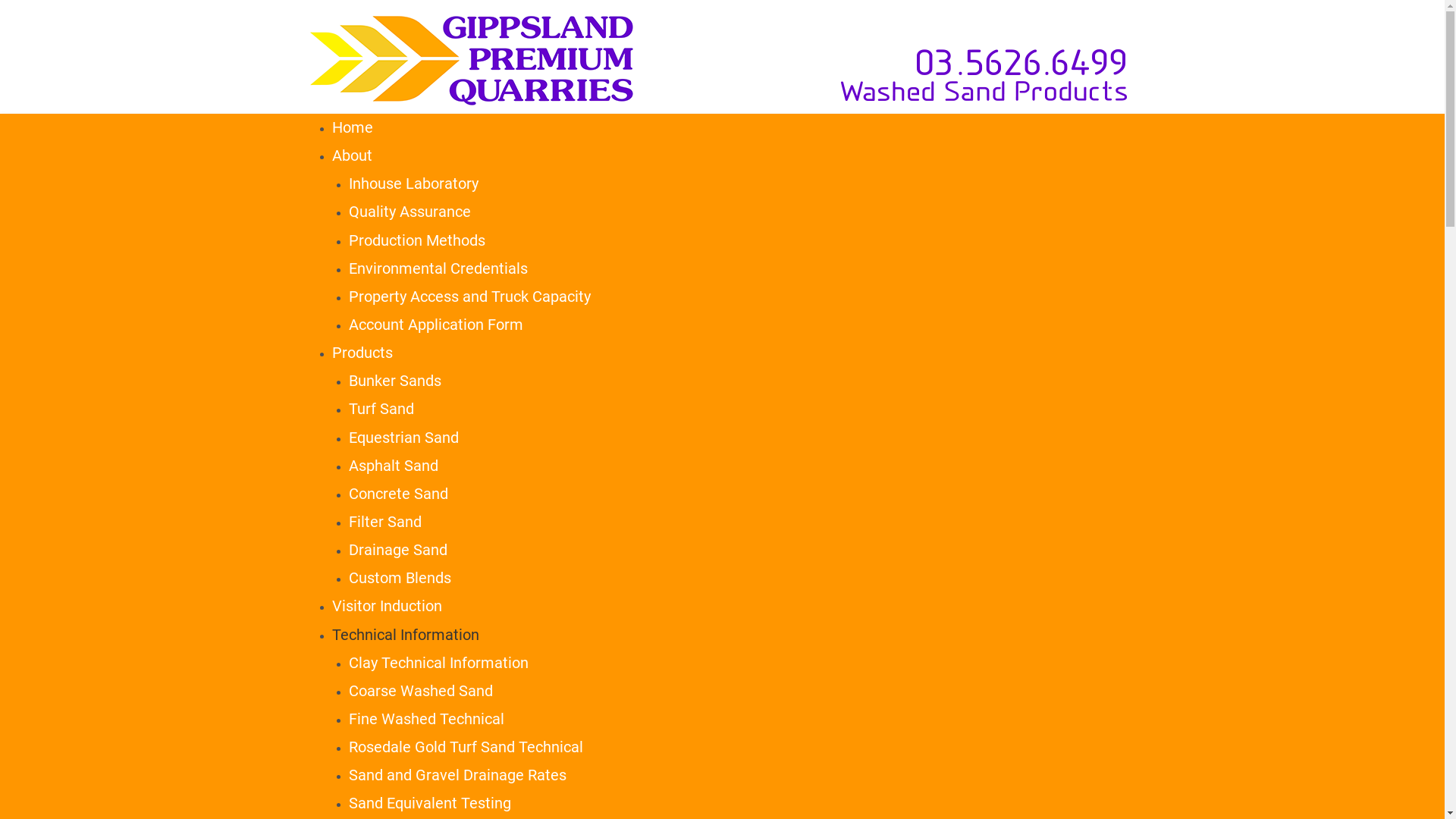 This screenshot has width=1456, height=819. I want to click on 'Technical Information', so click(405, 635).